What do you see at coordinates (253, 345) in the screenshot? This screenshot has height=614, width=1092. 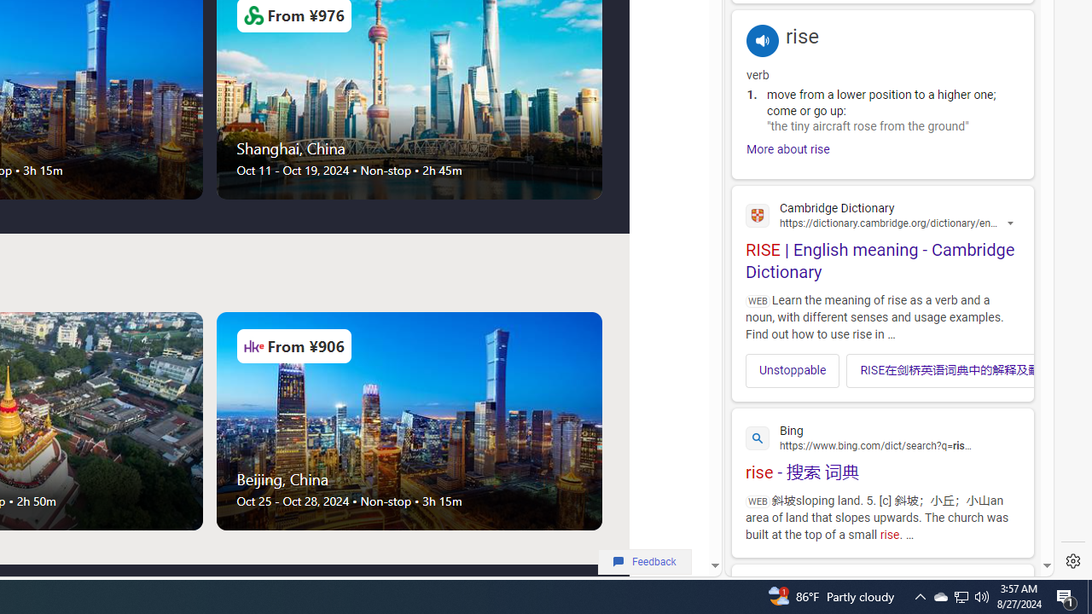 I see `'Airlines Logo'` at bounding box center [253, 345].